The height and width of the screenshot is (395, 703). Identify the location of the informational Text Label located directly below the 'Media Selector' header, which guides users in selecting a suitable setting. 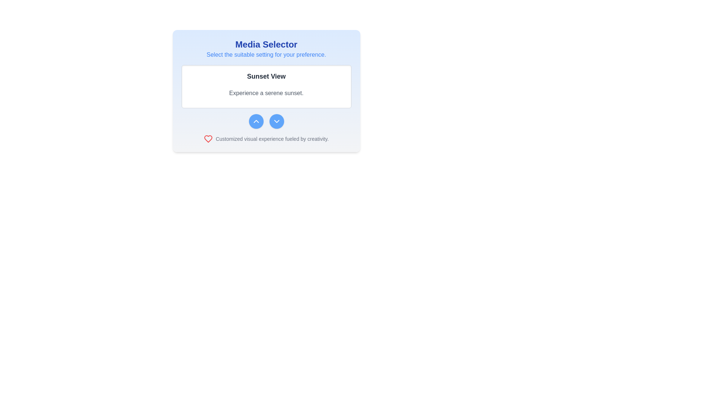
(266, 54).